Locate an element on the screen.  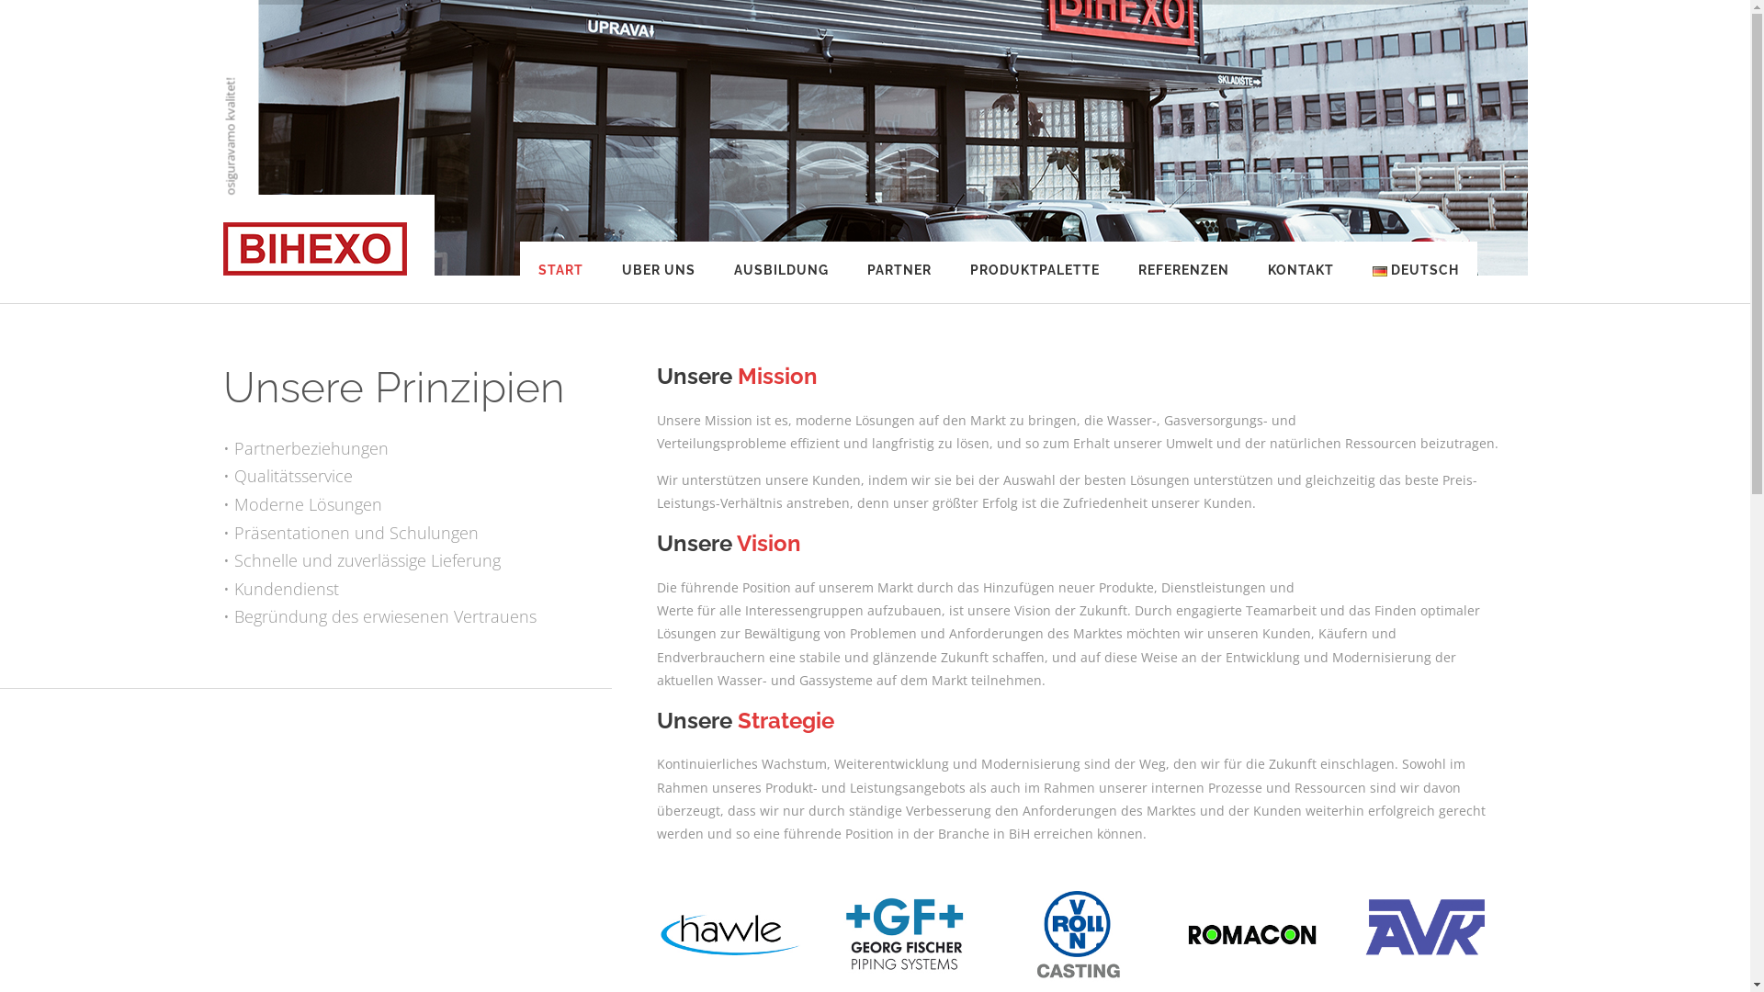
'DEUTSCH' is located at coordinates (1414, 284).